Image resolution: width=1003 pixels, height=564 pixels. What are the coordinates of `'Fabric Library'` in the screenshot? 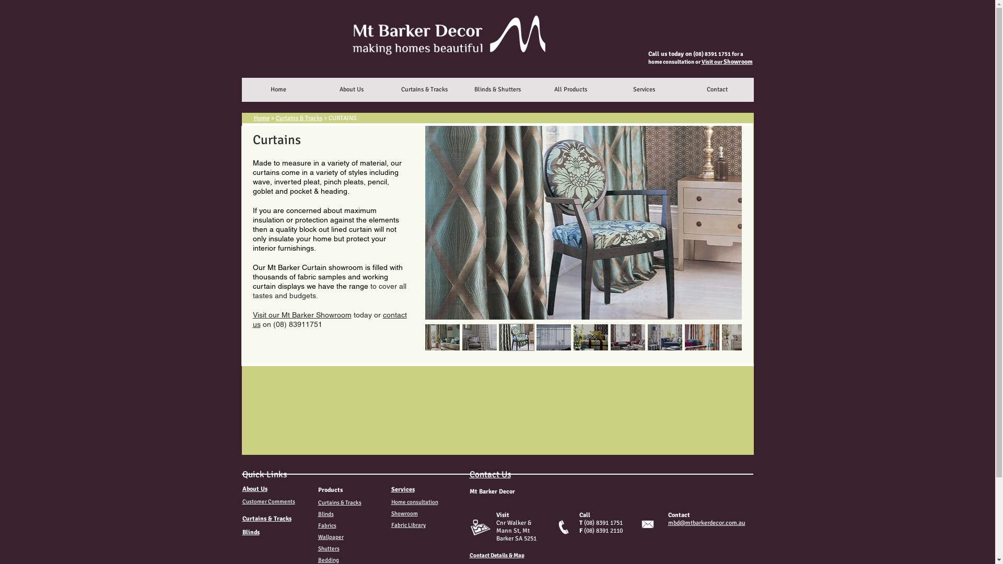 It's located at (407, 525).